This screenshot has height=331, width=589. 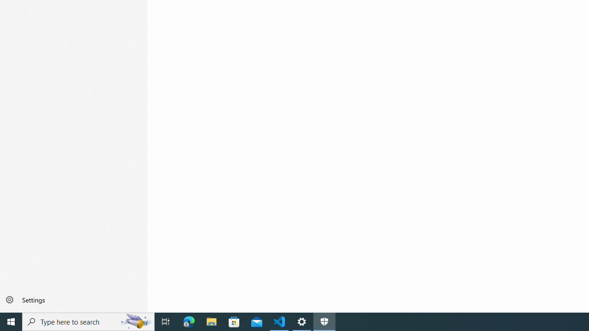 What do you see at coordinates (234, 321) in the screenshot?
I see `'Microsoft Store'` at bounding box center [234, 321].